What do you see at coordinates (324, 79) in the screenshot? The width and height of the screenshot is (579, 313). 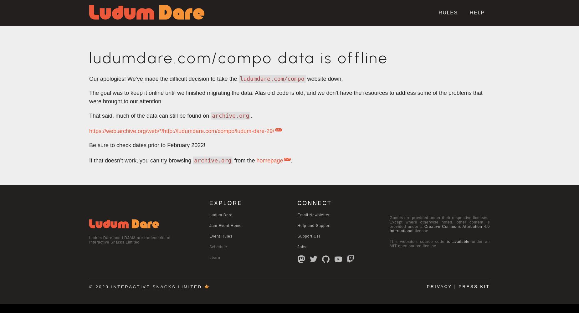 I see `'website down.'` at bounding box center [324, 79].